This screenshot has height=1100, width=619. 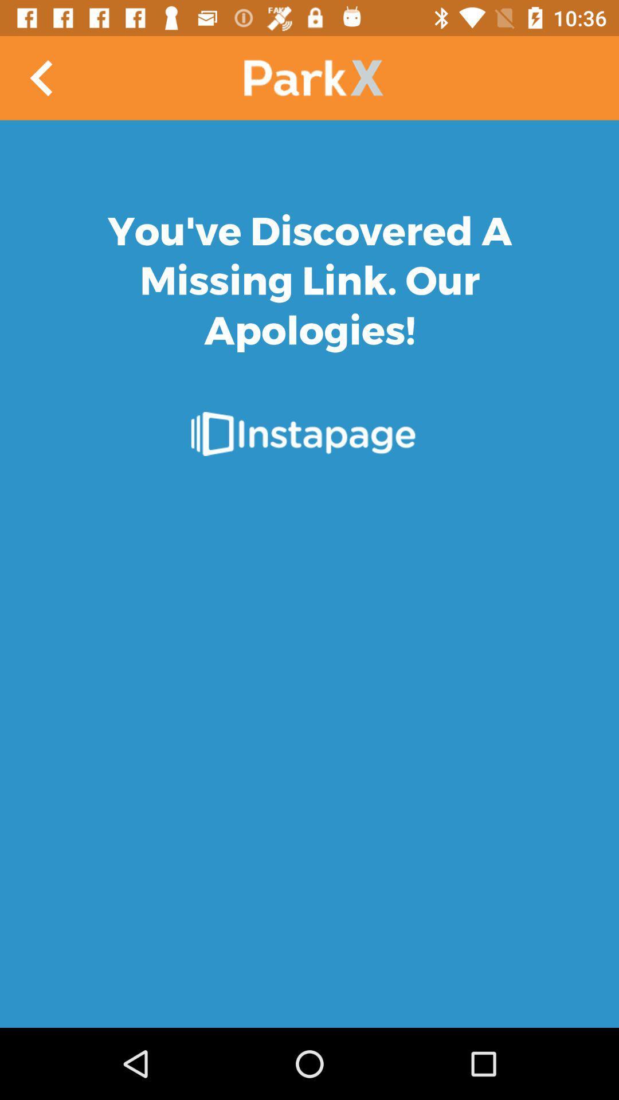 I want to click on screen page, so click(x=309, y=574).